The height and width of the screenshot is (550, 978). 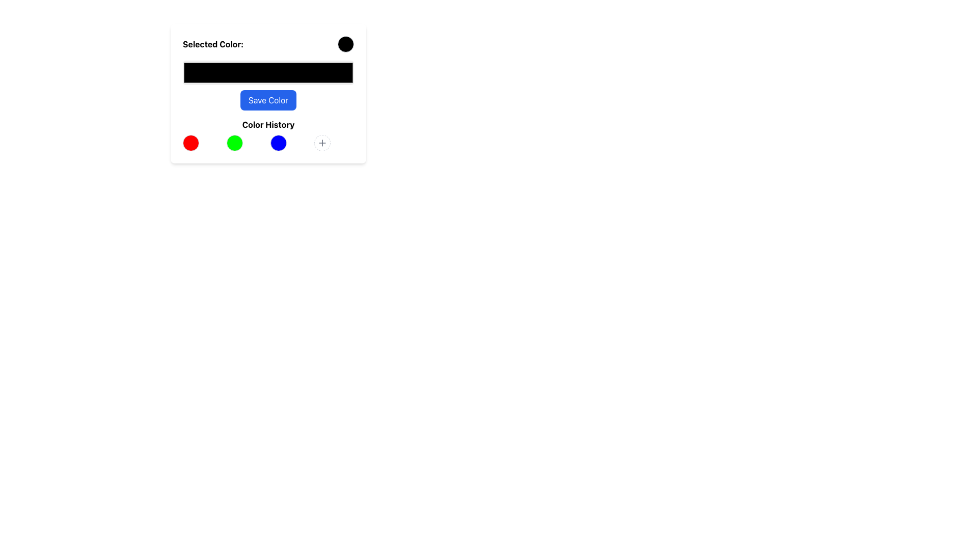 I want to click on the circular button with a dashed border and a plus icon at its center, located under the 'Color History' header, so click(x=322, y=143).